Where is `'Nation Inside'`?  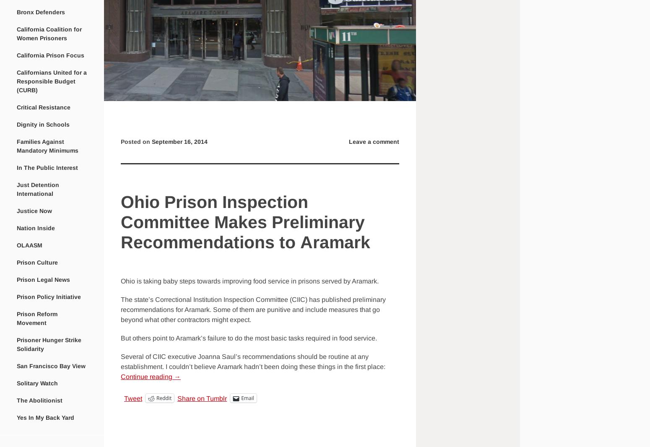
'Nation Inside' is located at coordinates (36, 227).